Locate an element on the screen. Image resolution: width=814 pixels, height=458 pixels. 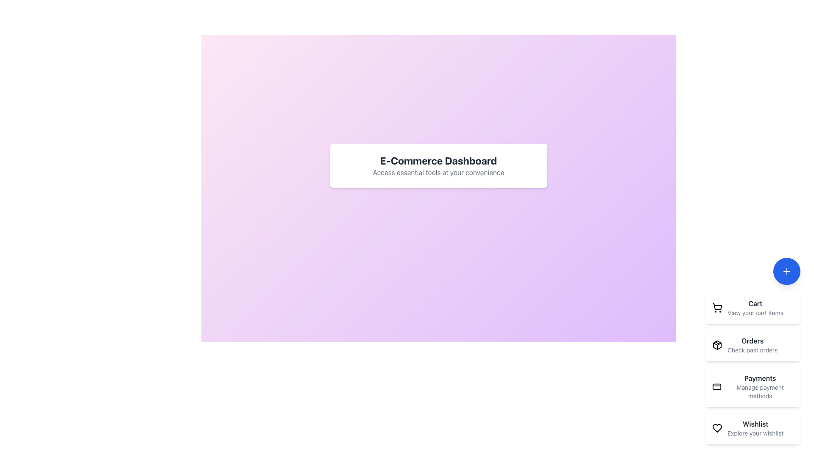
the bold text label reading 'Orders' in the bottom-right vertical navigation menu is located at coordinates (753, 340).